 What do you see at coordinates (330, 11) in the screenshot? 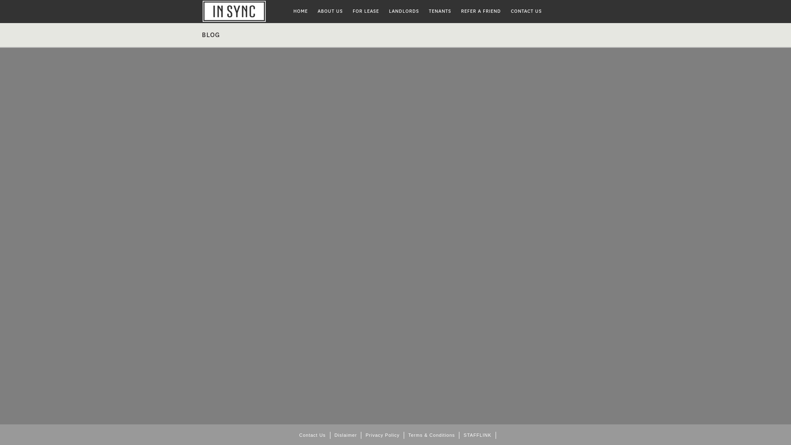
I see `'ABOUT US'` at bounding box center [330, 11].